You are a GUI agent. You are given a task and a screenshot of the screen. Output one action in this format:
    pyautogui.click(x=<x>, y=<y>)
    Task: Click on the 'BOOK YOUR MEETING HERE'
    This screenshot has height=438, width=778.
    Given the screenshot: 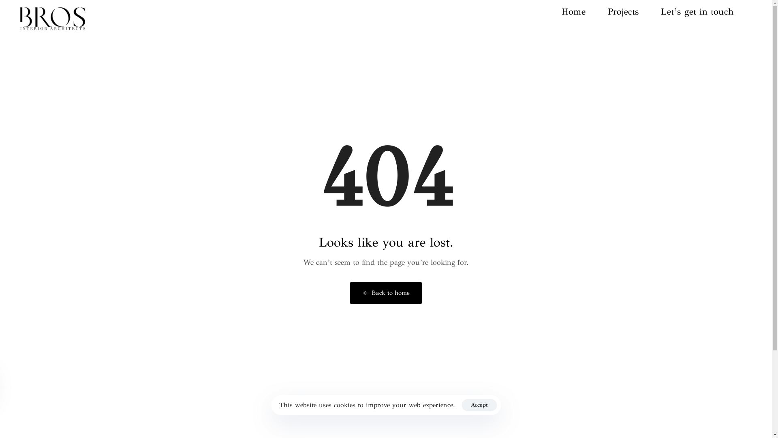 What is the action you would take?
    pyautogui.click(x=385, y=374)
    